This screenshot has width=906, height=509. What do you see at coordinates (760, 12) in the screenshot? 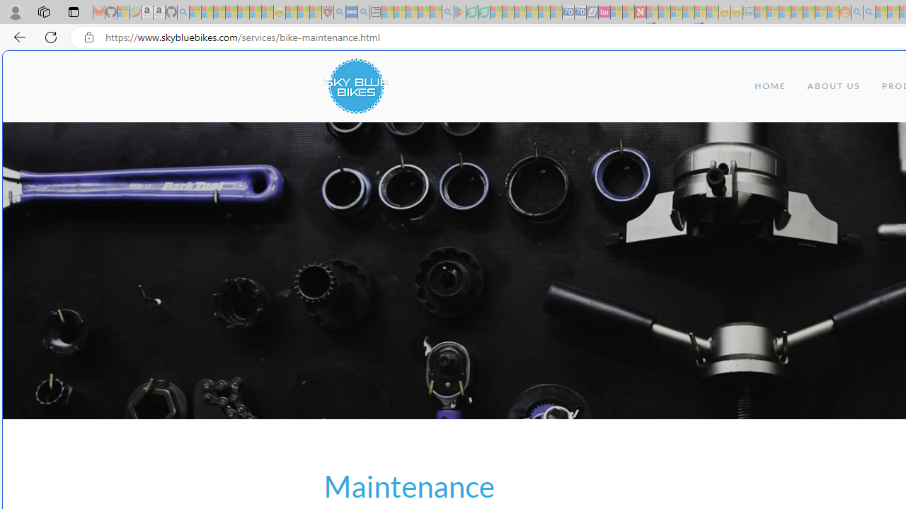
I see `'MSNBC - MSN - Sleeping'` at bounding box center [760, 12].